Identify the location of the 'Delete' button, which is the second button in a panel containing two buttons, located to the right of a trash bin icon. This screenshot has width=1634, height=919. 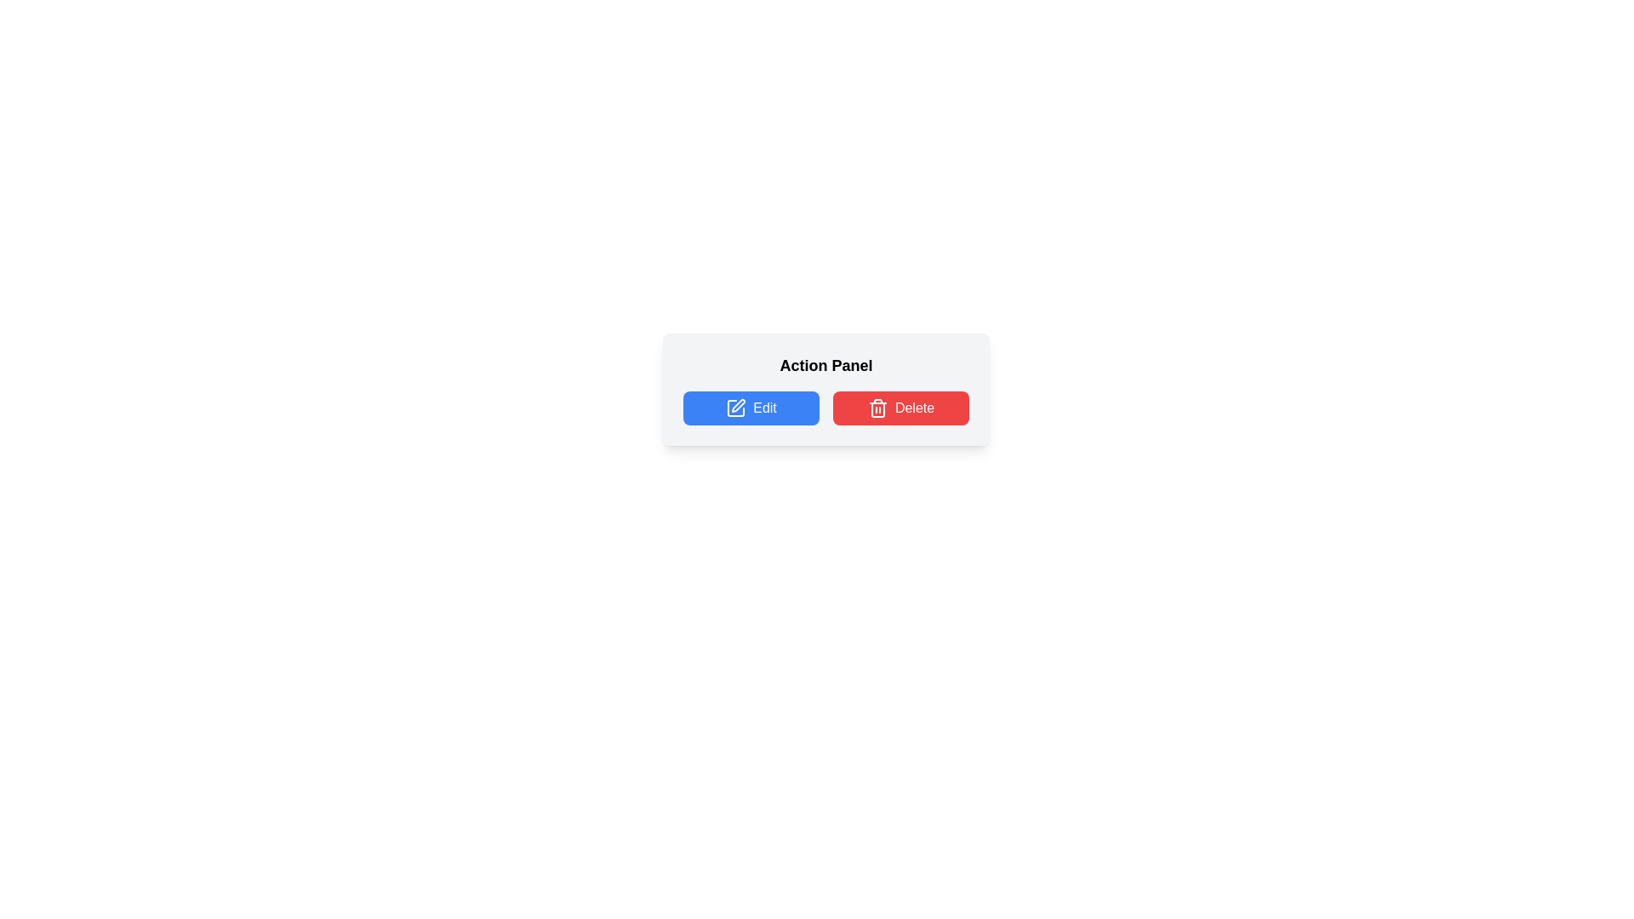
(914, 408).